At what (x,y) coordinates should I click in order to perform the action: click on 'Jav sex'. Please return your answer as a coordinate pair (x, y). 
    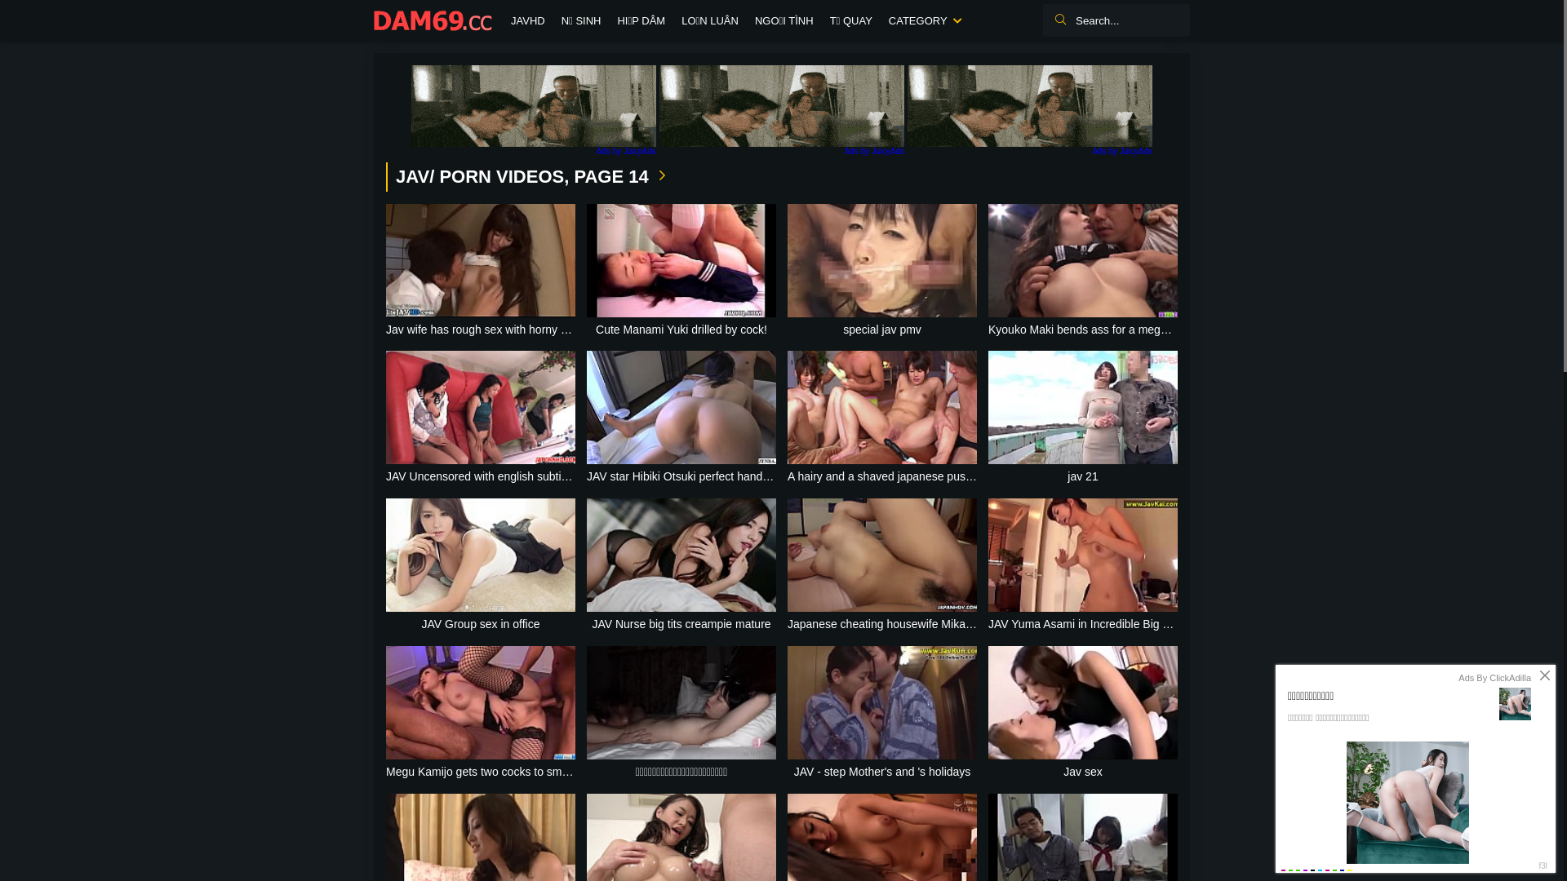
    Looking at the image, I should click on (1082, 713).